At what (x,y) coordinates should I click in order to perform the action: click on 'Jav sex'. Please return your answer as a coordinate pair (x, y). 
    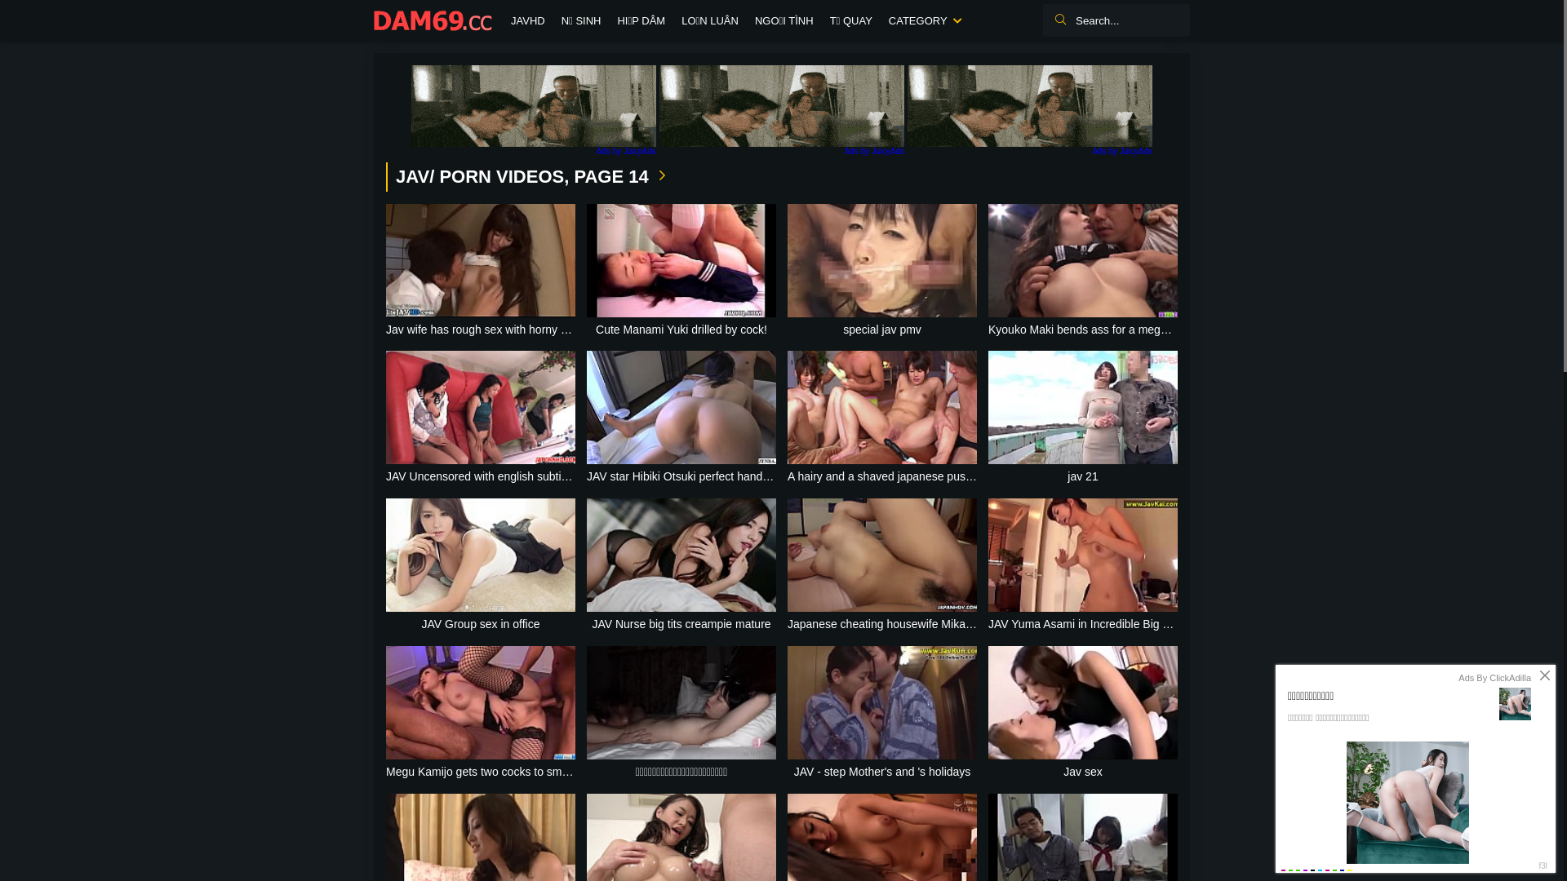
    Looking at the image, I should click on (1082, 713).